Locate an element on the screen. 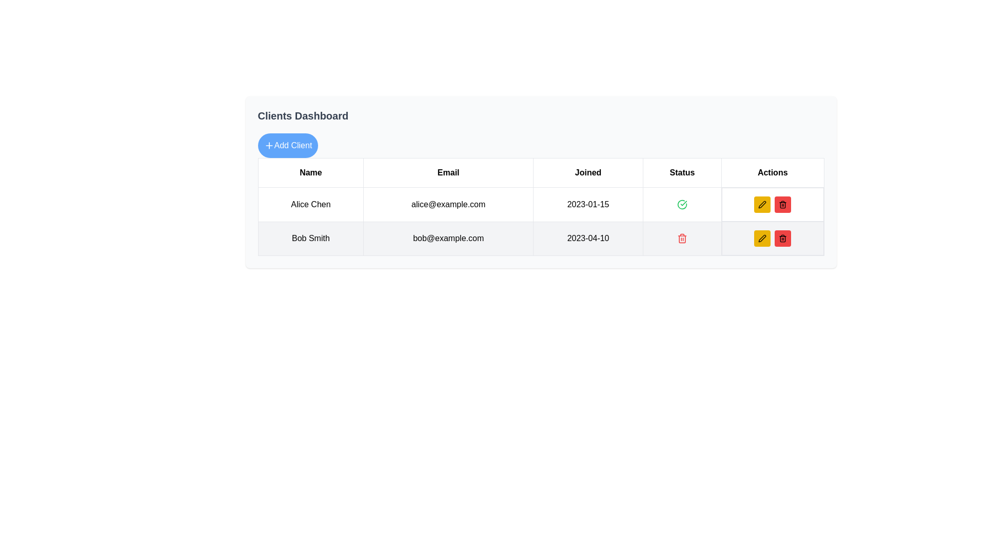  the blue 'Add Client' button with rounded sides, which contains white text and a plus symbol is located at coordinates (287, 146).